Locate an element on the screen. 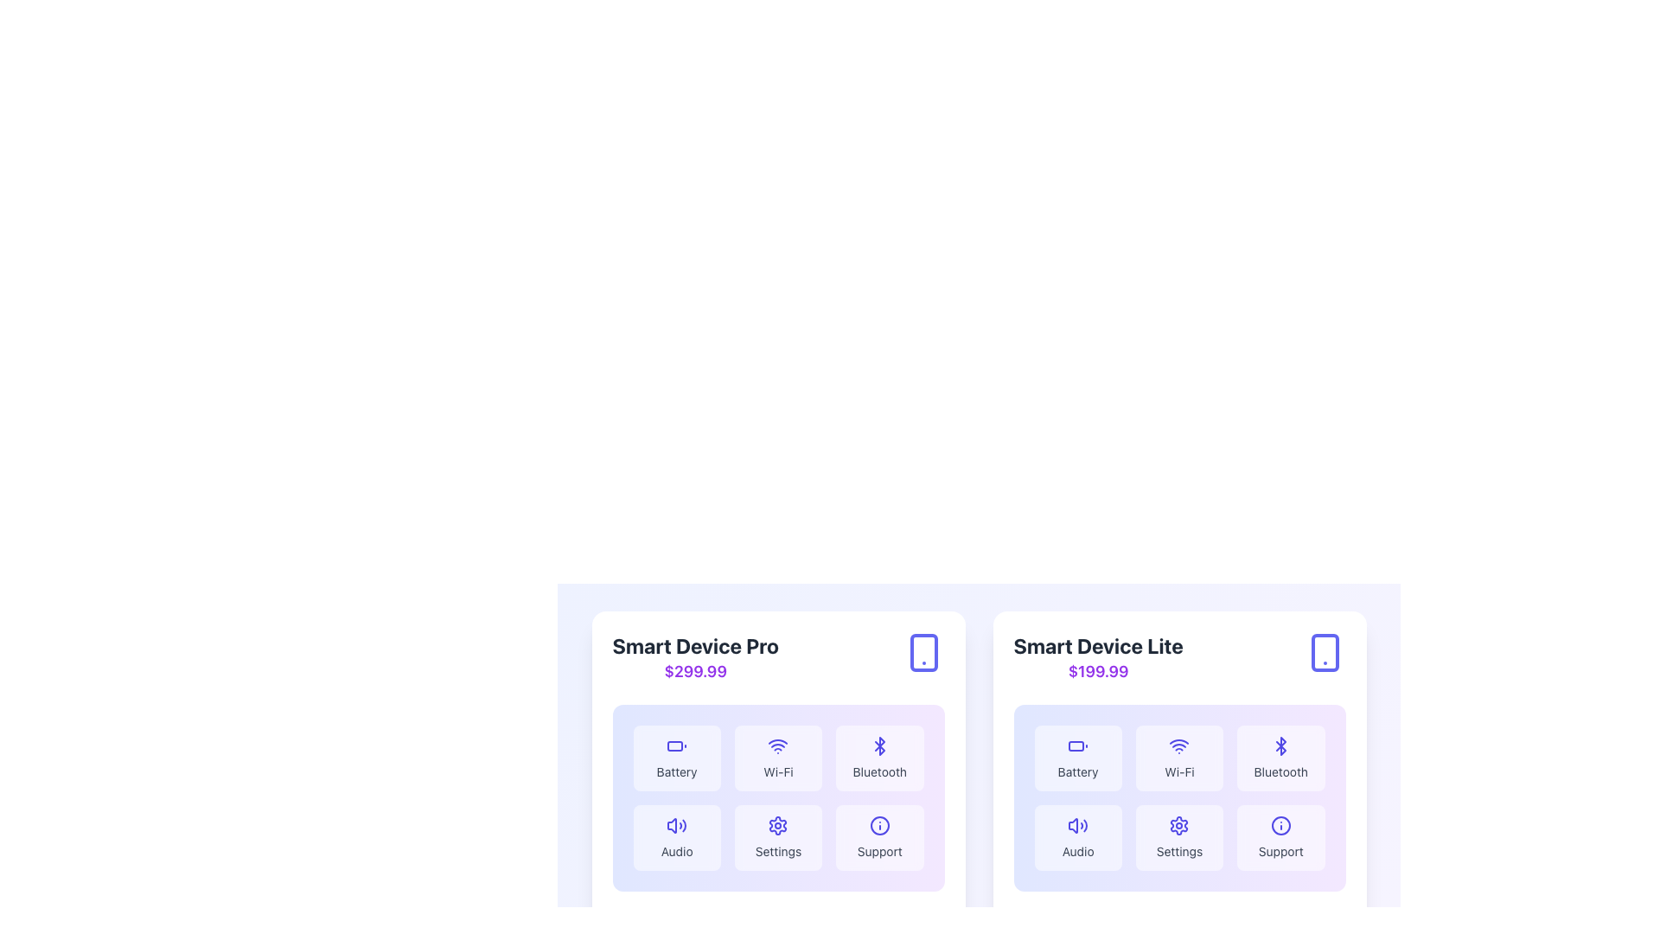  the support icon located in the bottom-right region of the Smart Device Lite interface is located at coordinates (1280, 825).